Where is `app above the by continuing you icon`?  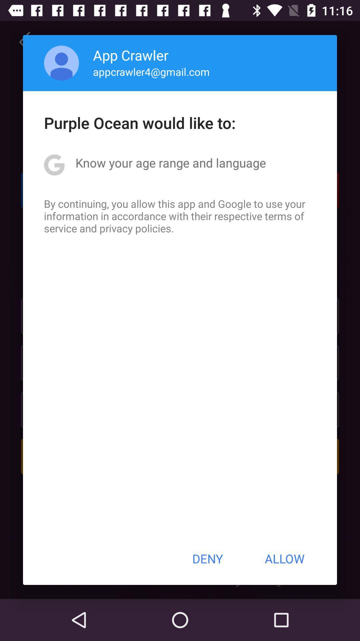 app above the by continuing you icon is located at coordinates (170, 163).